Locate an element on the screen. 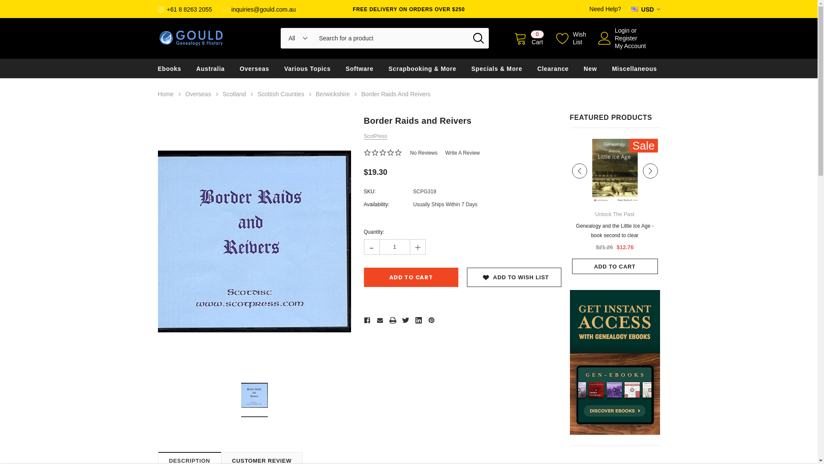  'ADD TO WISH LIST' is located at coordinates (514, 277).